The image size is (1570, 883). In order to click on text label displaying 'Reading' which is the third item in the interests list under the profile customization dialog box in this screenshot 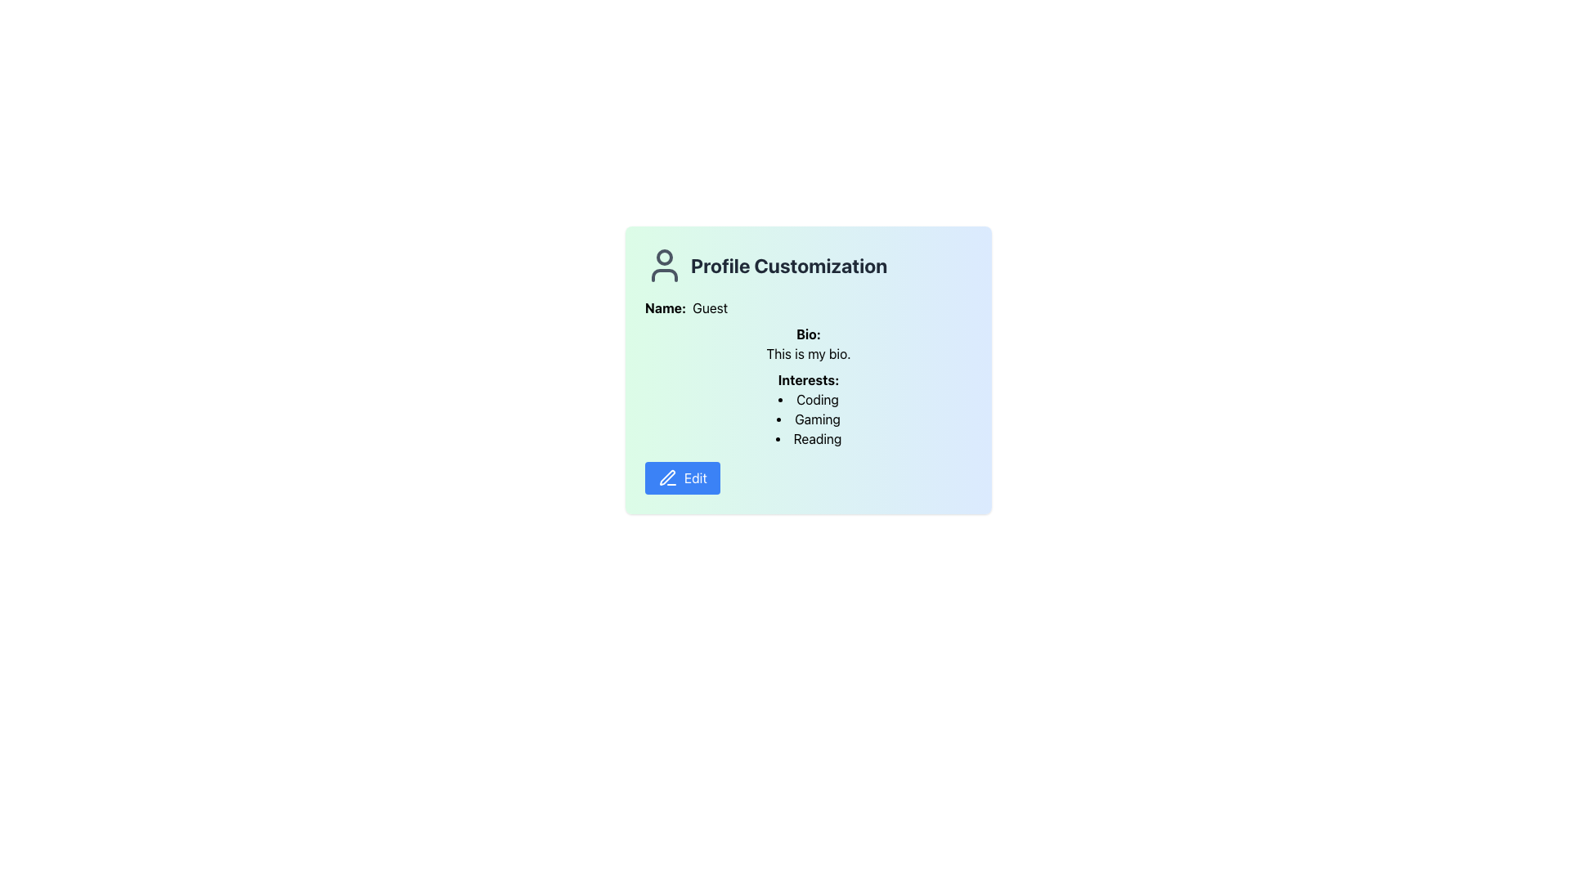, I will do `click(808, 437)`.